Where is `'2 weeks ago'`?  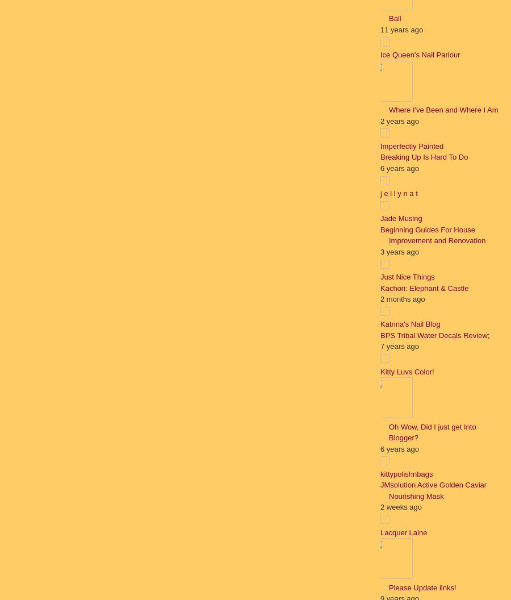
'2 weeks ago' is located at coordinates (400, 506).